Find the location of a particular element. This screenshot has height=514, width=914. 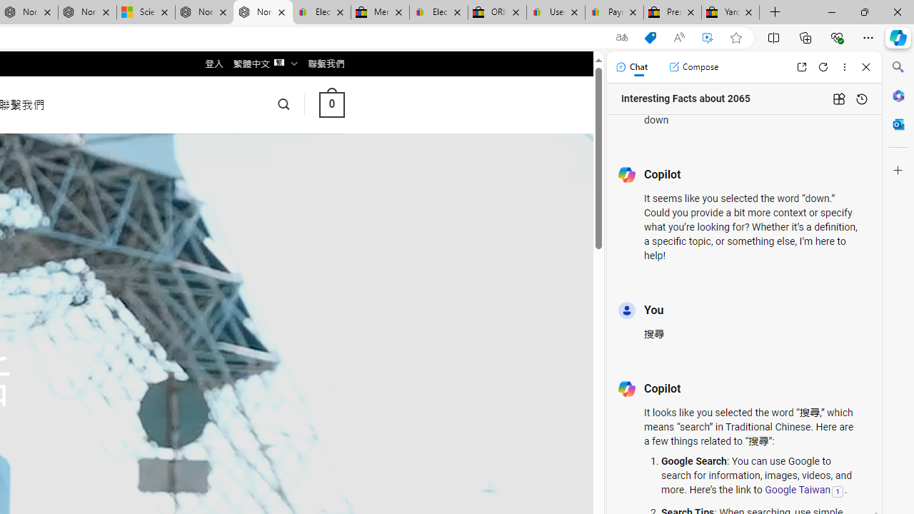

'Payments Terms of Use | eBay.com' is located at coordinates (614, 12).